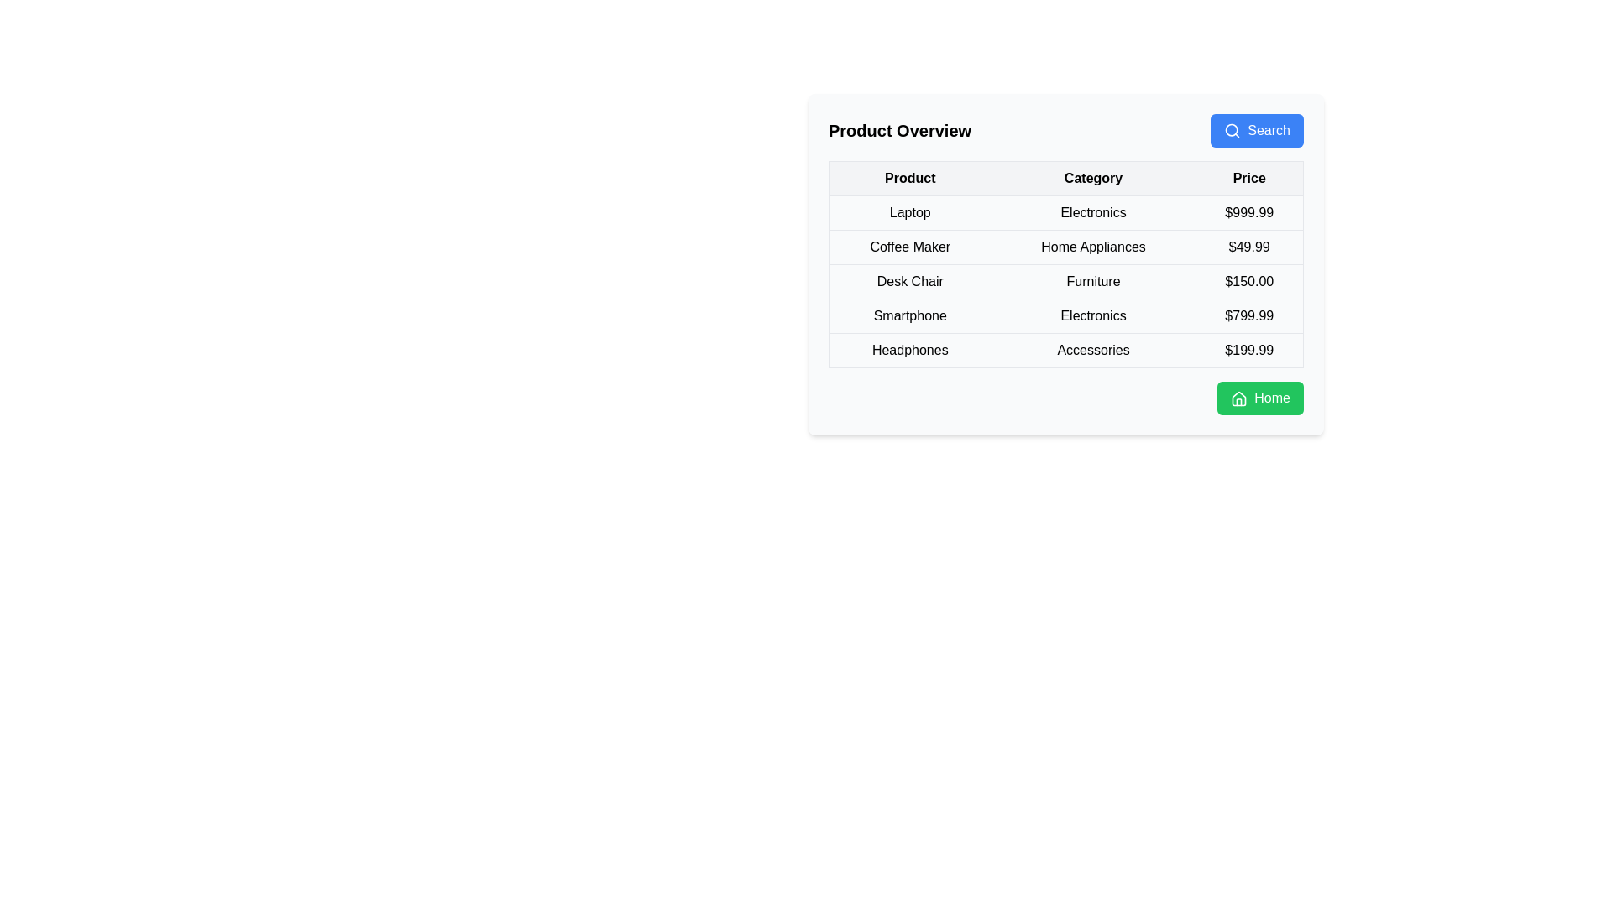 The image size is (1612, 906). Describe the element at coordinates (1093, 212) in the screenshot. I see `the text label displaying 'Electronics' which is bold and surrounded by a rectangular border in the second column of the table under the 'Category' header` at that location.